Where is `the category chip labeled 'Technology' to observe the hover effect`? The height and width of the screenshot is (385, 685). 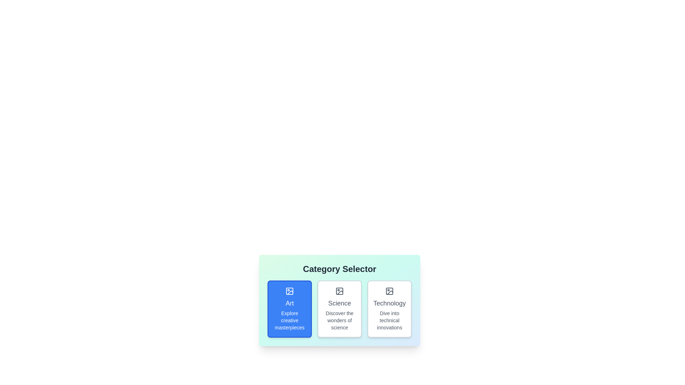 the category chip labeled 'Technology' to observe the hover effect is located at coordinates (389, 309).